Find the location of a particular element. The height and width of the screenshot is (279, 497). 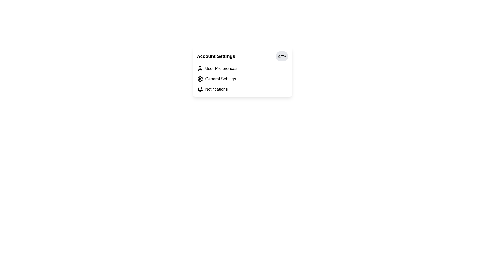

the settings icon located to the left of 'General Settings' for additional information is located at coordinates (200, 79).